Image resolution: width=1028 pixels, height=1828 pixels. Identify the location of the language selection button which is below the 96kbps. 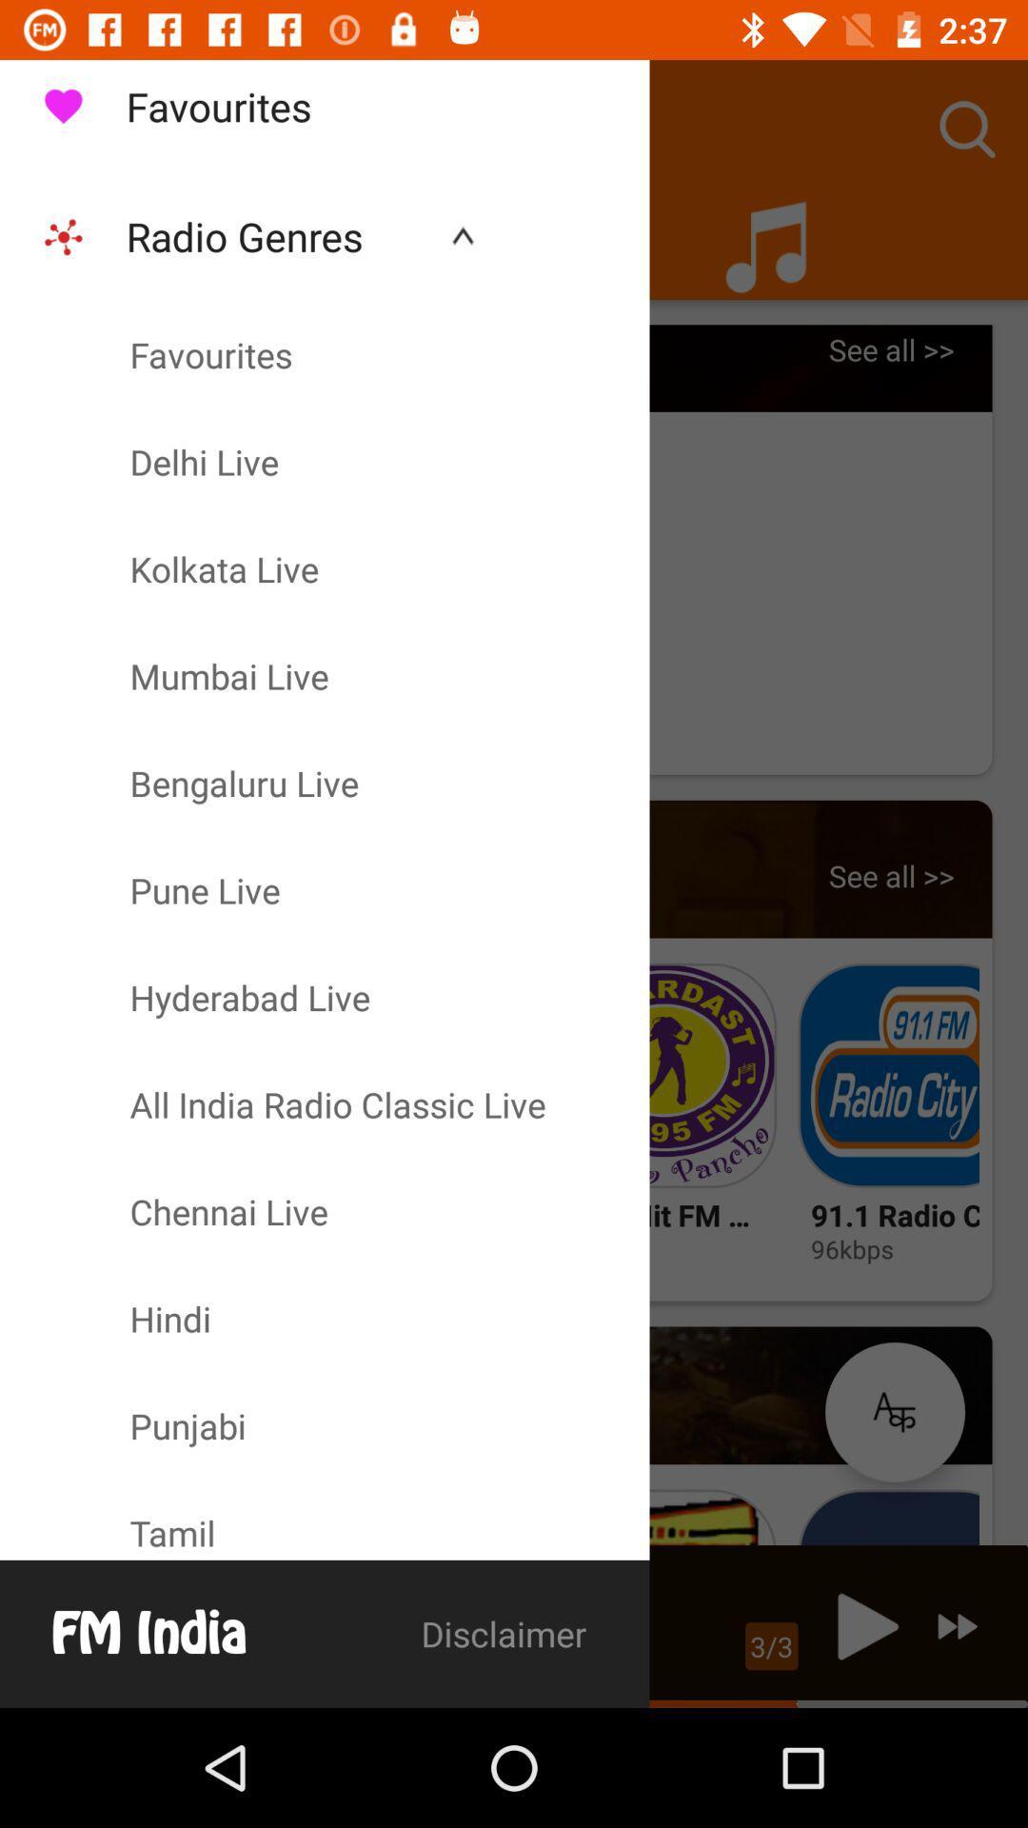
(895, 1412).